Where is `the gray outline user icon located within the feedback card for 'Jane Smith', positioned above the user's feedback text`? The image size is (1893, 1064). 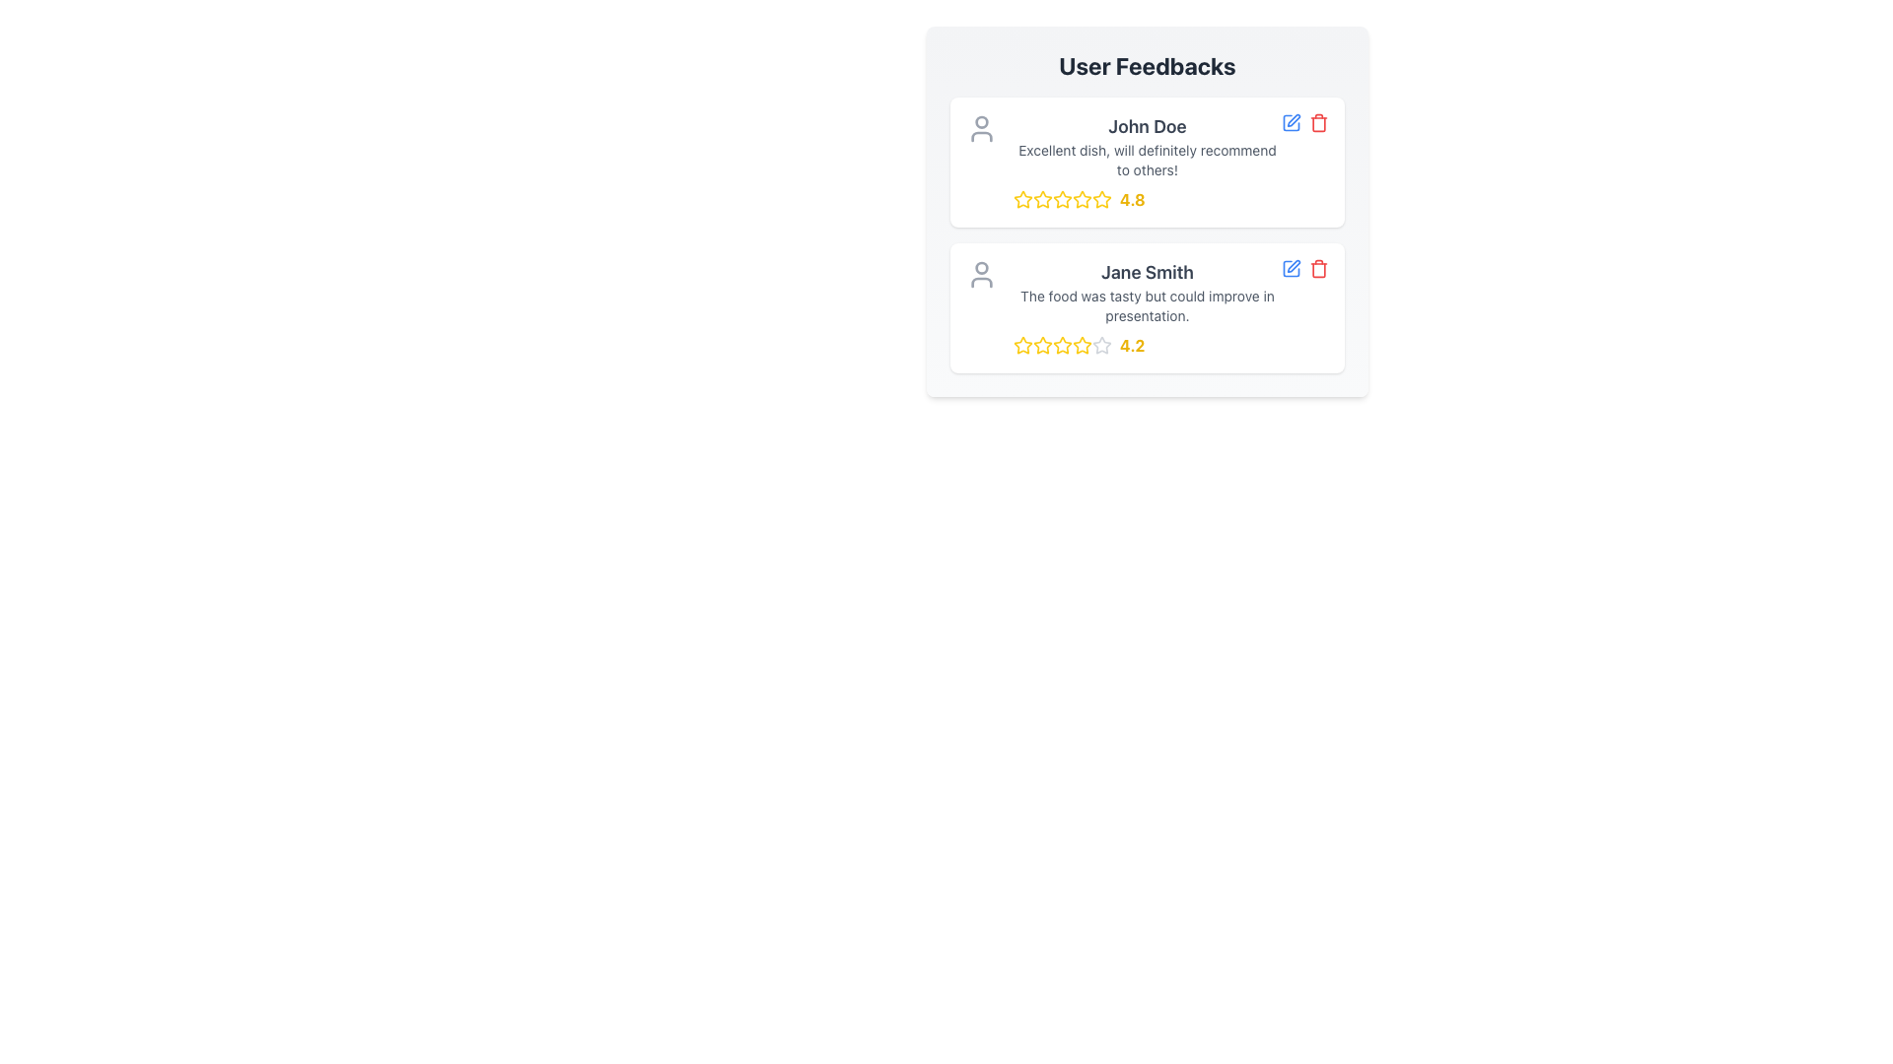
the gray outline user icon located within the feedback card for 'Jane Smith', positioned above the user's feedback text is located at coordinates (982, 274).